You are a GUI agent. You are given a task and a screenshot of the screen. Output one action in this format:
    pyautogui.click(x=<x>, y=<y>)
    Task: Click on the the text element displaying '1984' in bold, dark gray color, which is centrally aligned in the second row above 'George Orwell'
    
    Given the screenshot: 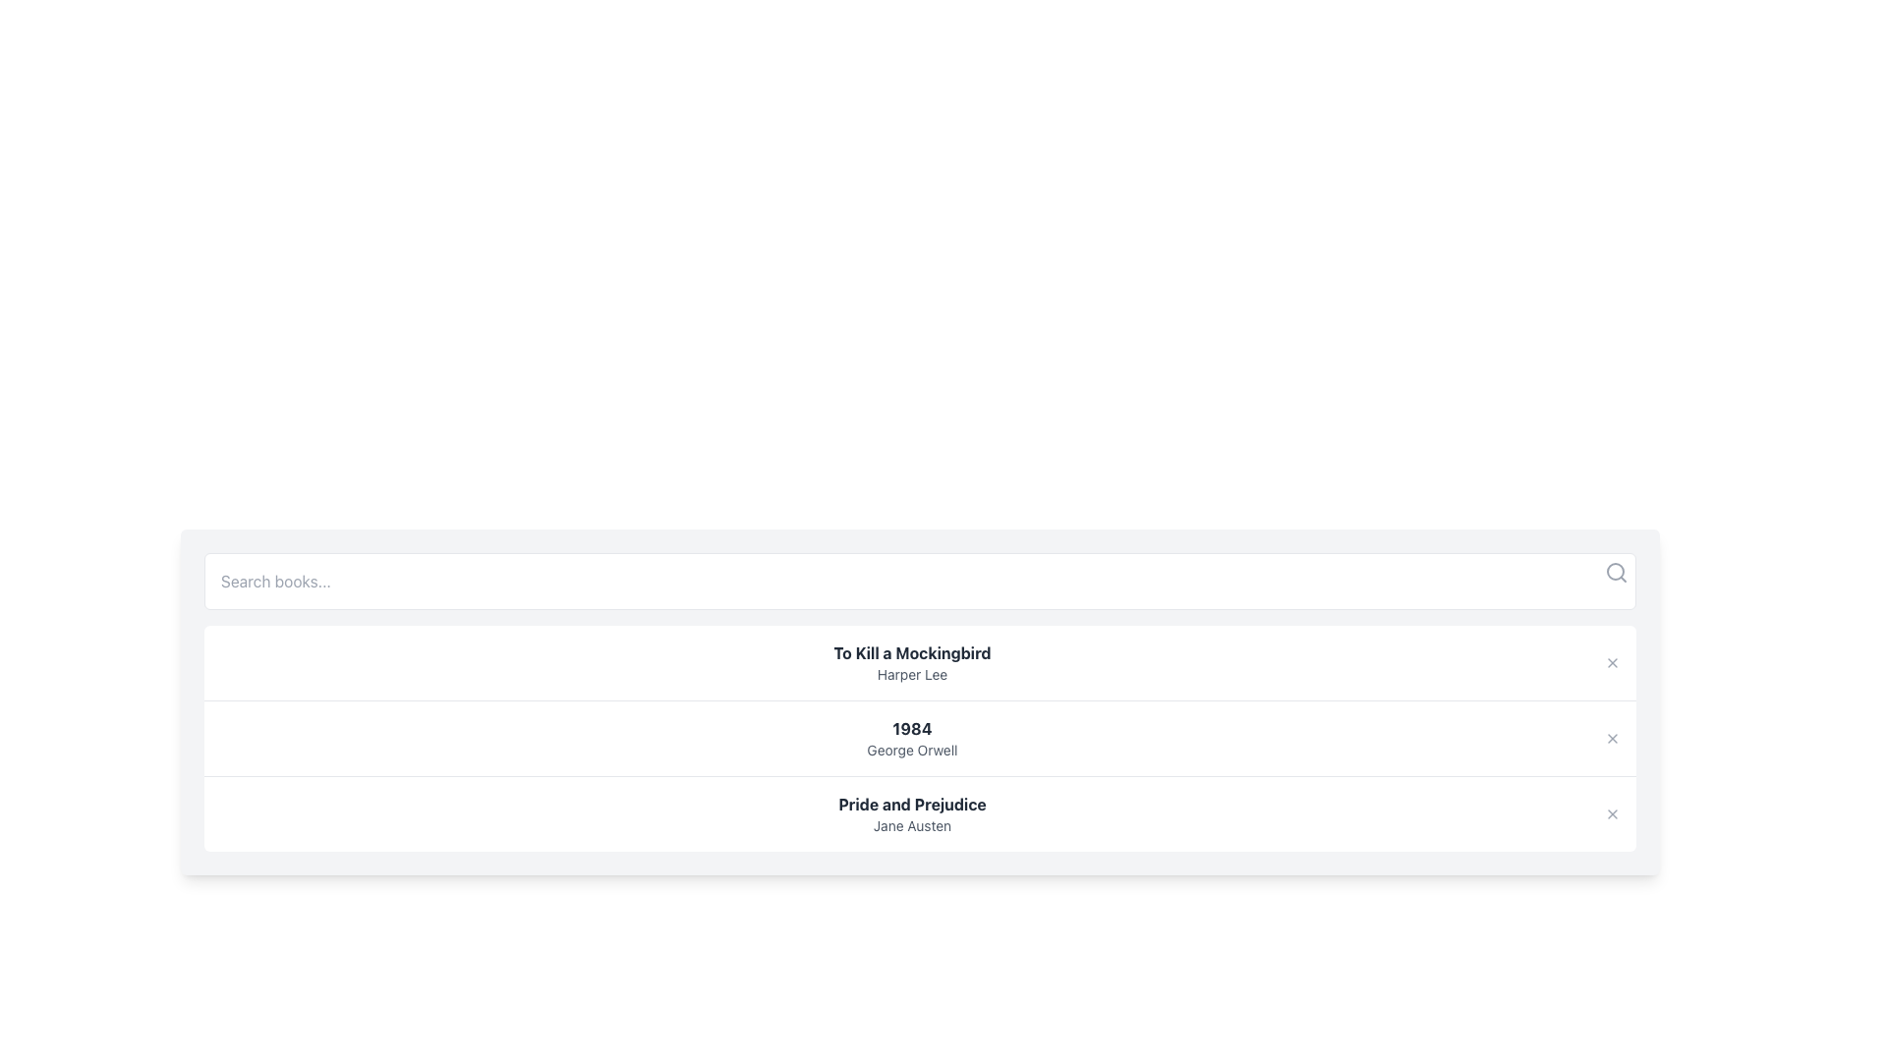 What is the action you would take?
    pyautogui.click(x=911, y=728)
    